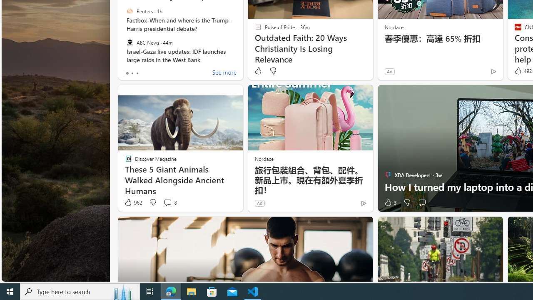 The image size is (533, 300). What do you see at coordinates (169, 202) in the screenshot?
I see `'View comments 8 Comment'` at bounding box center [169, 202].